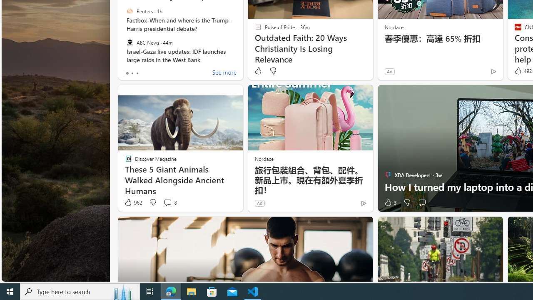 The image size is (533, 300). What do you see at coordinates (169, 202) in the screenshot?
I see `'View comments 8 Comment'` at bounding box center [169, 202].